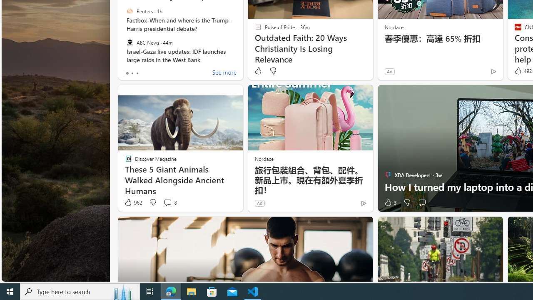 The image size is (533, 300). What do you see at coordinates (169, 202) in the screenshot?
I see `'View comments 8 Comment'` at bounding box center [169, 202].